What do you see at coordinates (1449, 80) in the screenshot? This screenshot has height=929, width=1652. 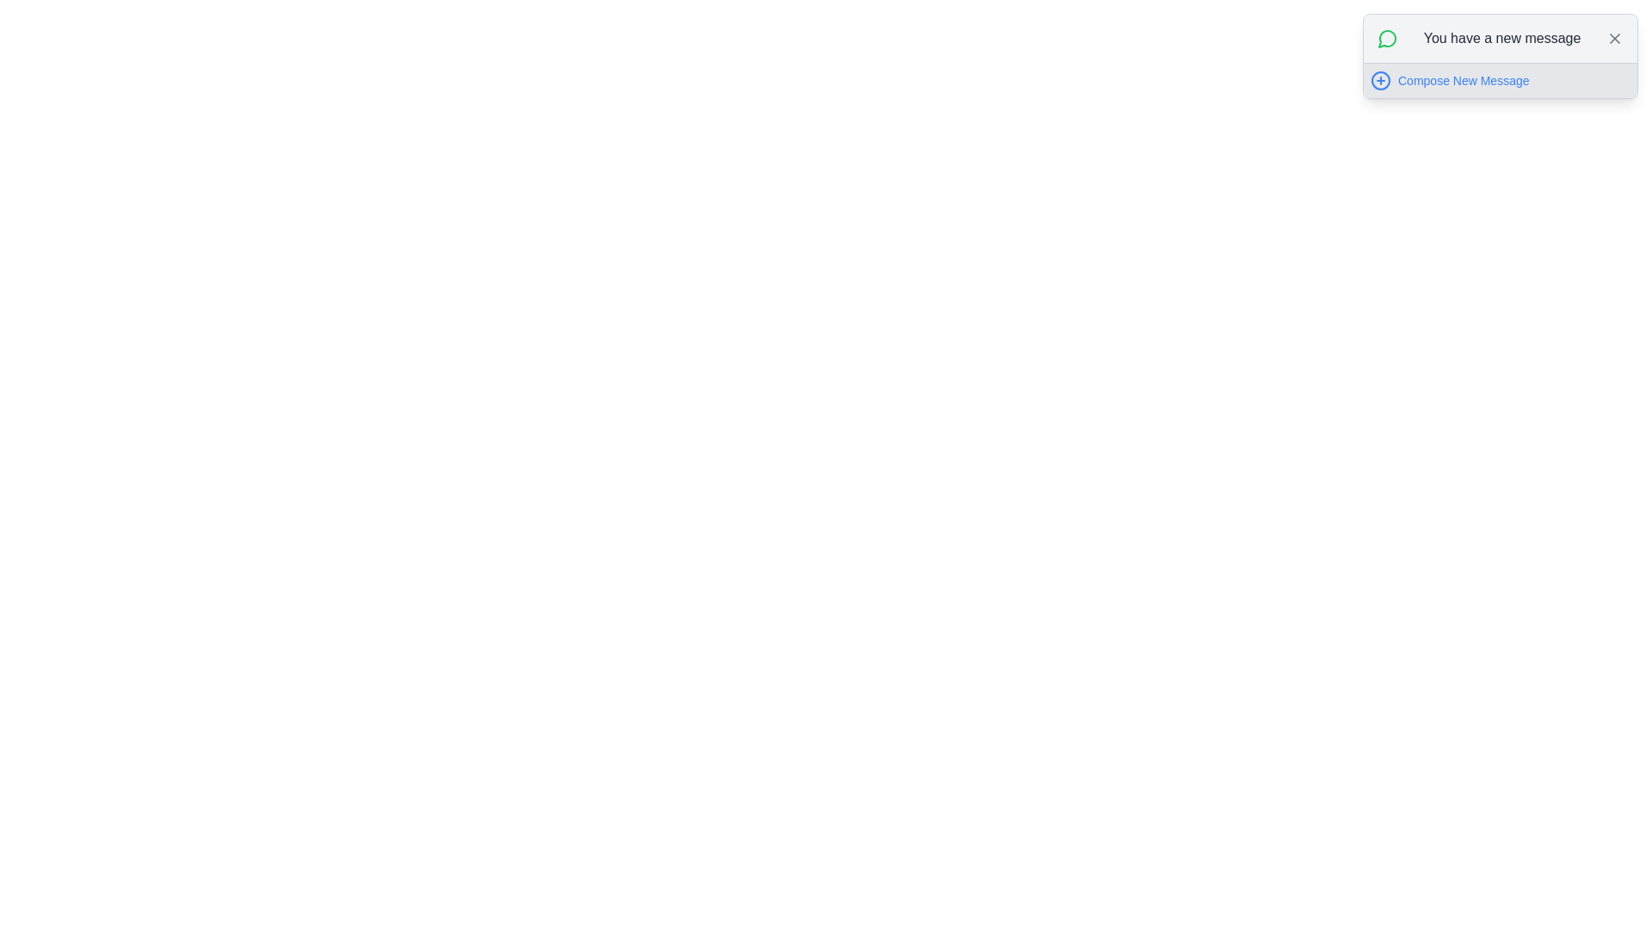 I see `the 'Compose New Message' button located in the top-right section of the interface, inside a gray notification card` at bounding box center [1449, 80].